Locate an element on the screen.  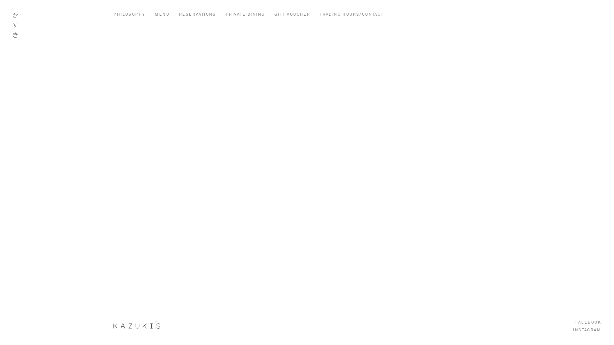
'INSTAGRAM' is located at coordinates (573, 330).